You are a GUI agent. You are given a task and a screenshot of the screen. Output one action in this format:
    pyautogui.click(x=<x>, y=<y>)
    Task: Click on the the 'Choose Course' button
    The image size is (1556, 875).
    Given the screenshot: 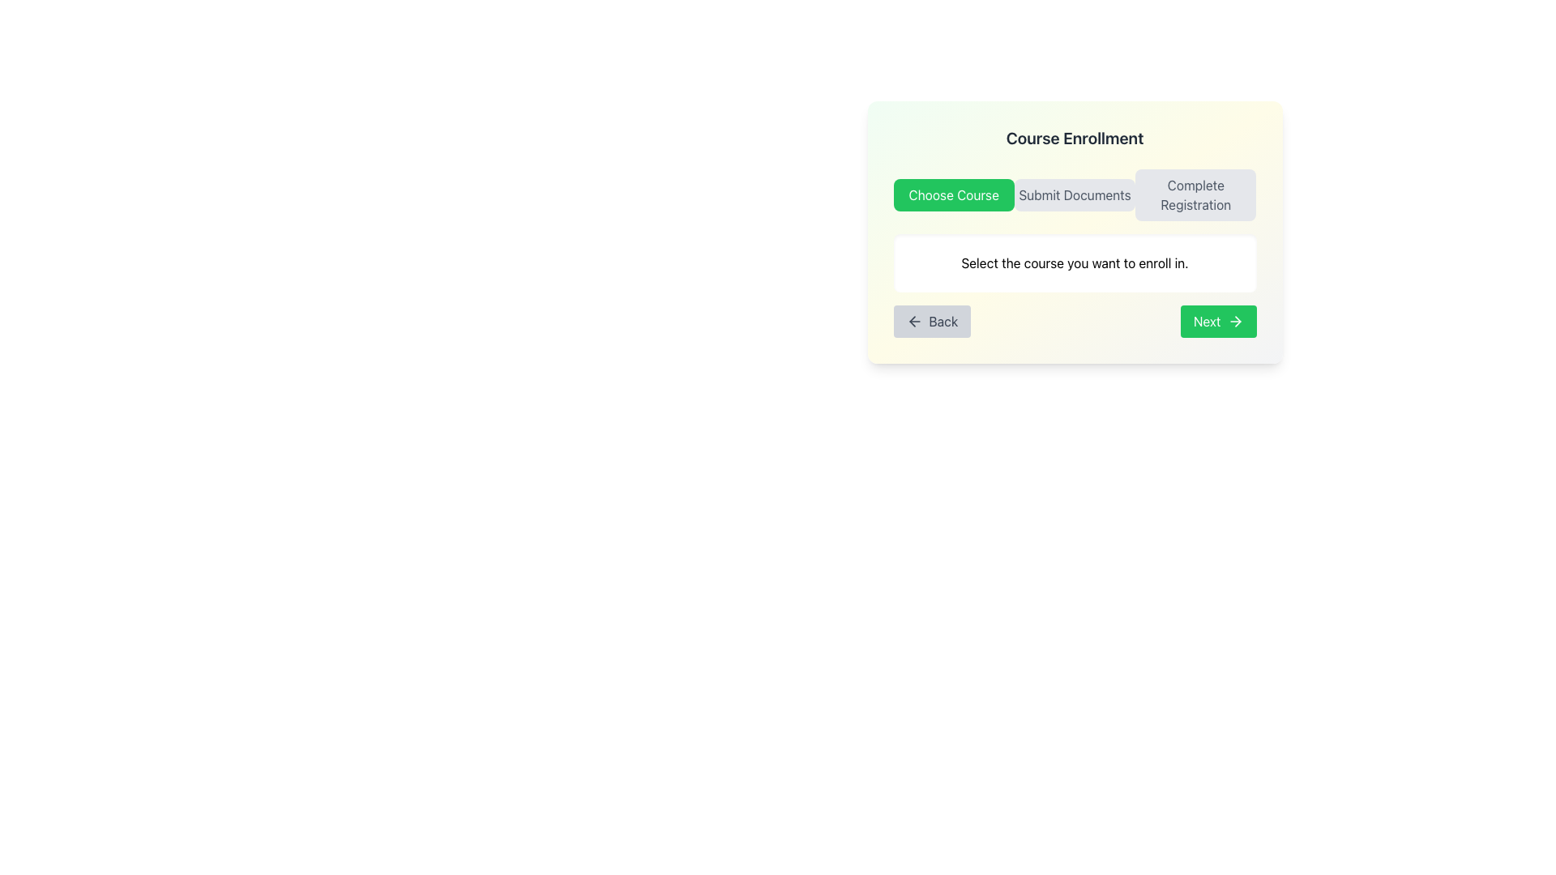 What is the action you would take?
    pyautogui.click(x=954, y=194)
    